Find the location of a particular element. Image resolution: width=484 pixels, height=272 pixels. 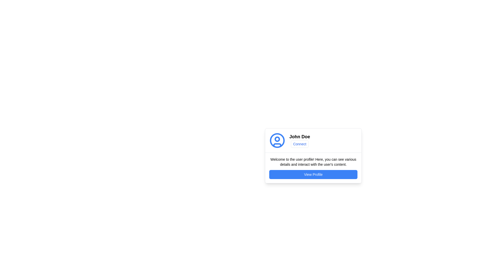

the button located in the lower section of the user profile card is located at coordinates (313, 174).